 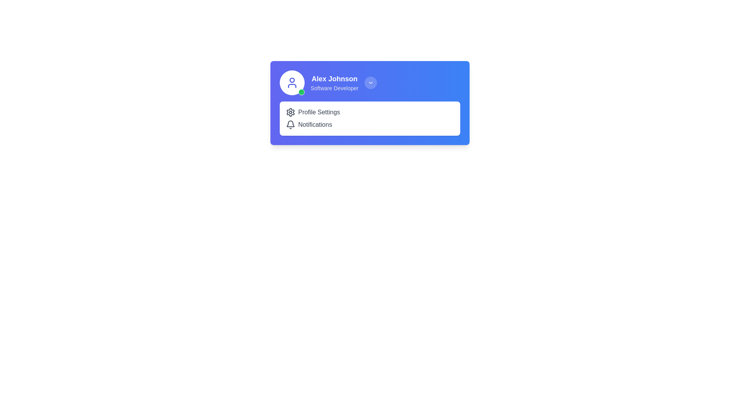 What do you see at coordinates (369, 82) in the screenshot?
I see `the Profile information summary with an interactive dropdown button` at bounding box center [369, 82].